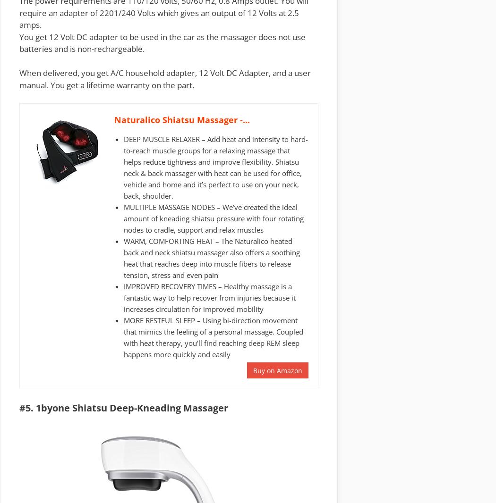  I want to click on 'Buy on Amazon', so click(277, 370).